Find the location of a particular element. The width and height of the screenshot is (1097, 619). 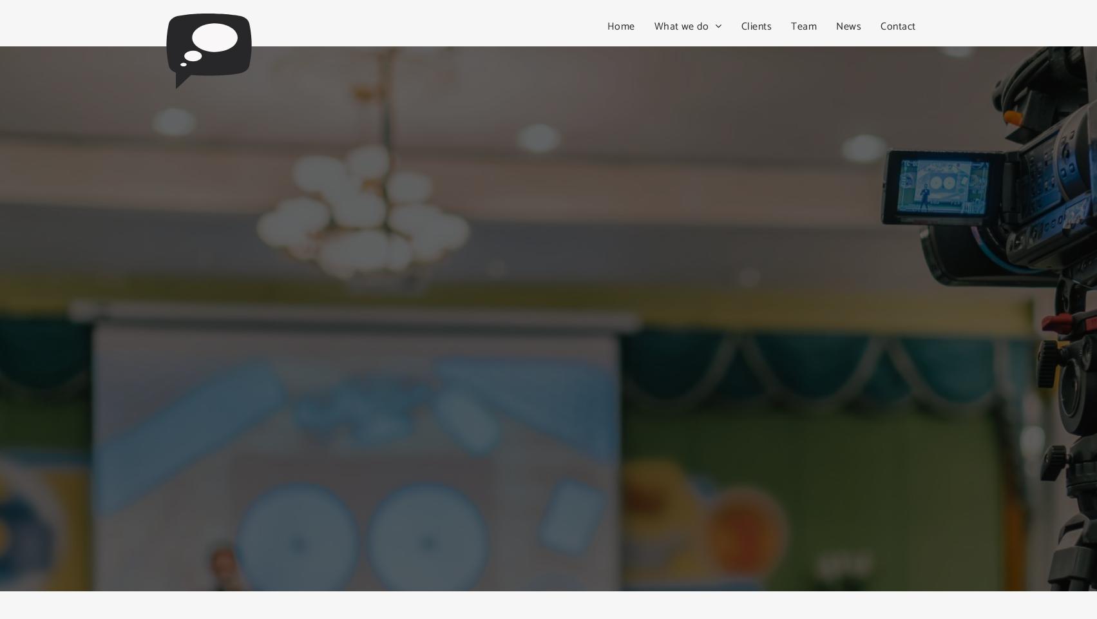

'Share by:' is located at coordinates (53, 32).